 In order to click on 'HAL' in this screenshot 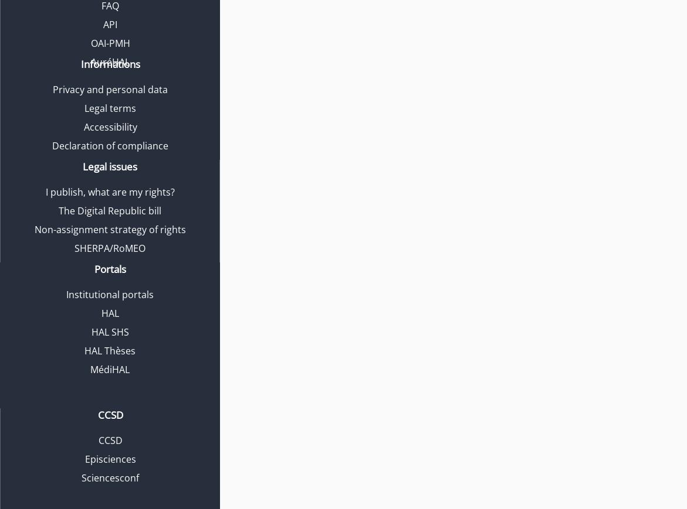, I will do `click(109, 313)`.